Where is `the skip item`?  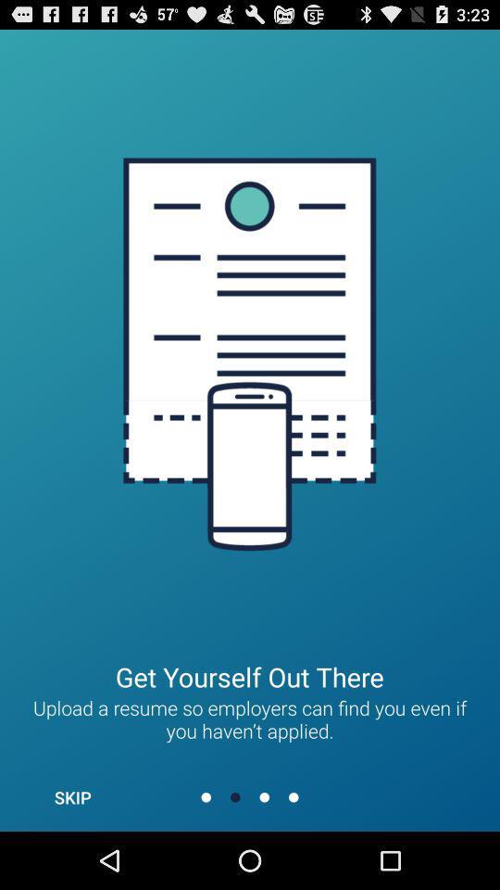
the skip item is located at coordinates (71, 796).